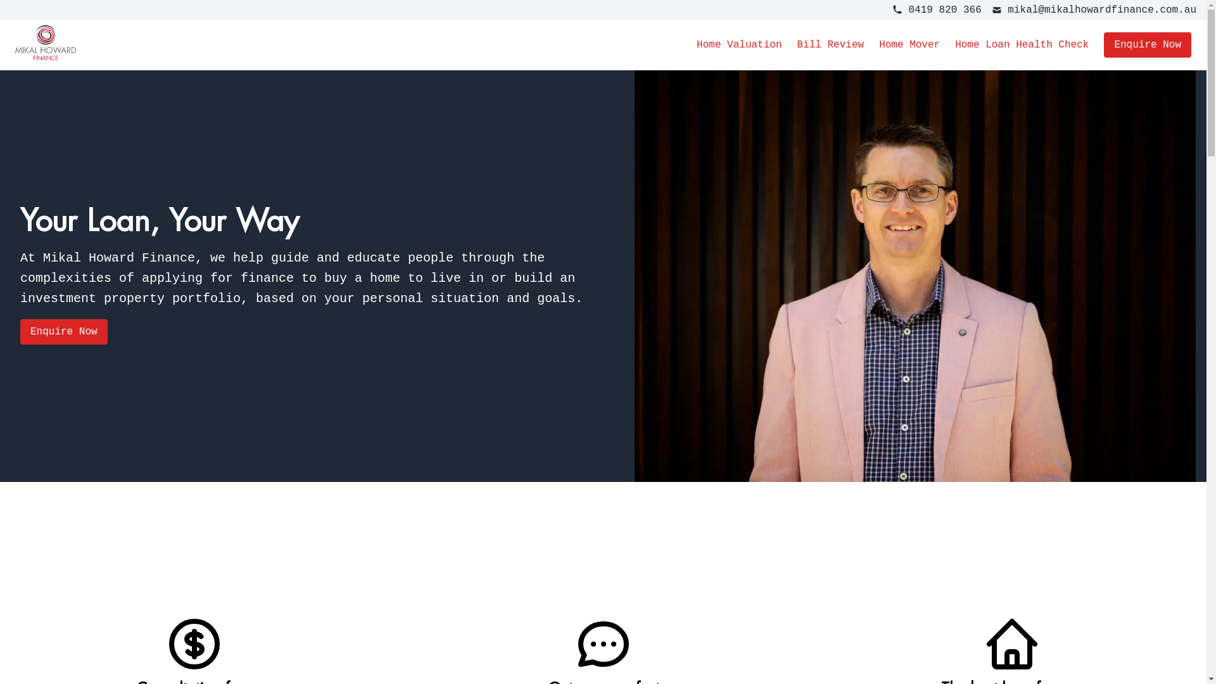 This screenshot has width=1216, height=684. What do you see at coordinates (63, 331) in the screenshot?
I see `'Enquire Now'` at bounding box center [63, 331].